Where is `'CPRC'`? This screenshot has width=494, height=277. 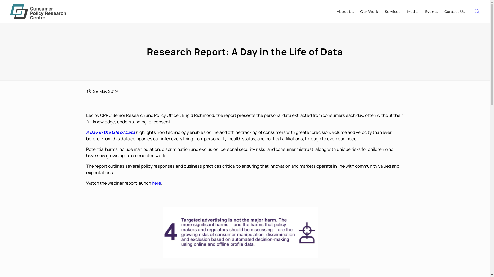 'CPRC' is located at coordinates (38, 12).